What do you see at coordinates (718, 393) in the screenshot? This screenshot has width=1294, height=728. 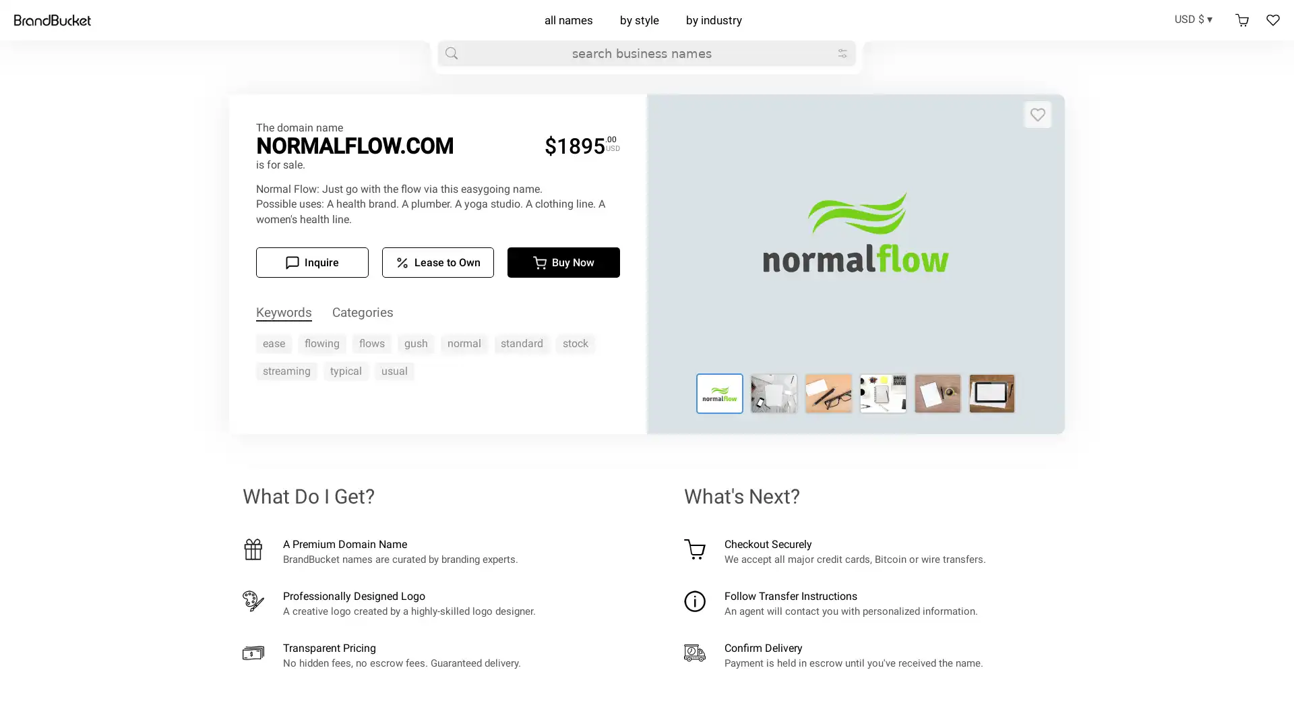 I see `Logo for normalflow.com` at bounding box center [718, 393].